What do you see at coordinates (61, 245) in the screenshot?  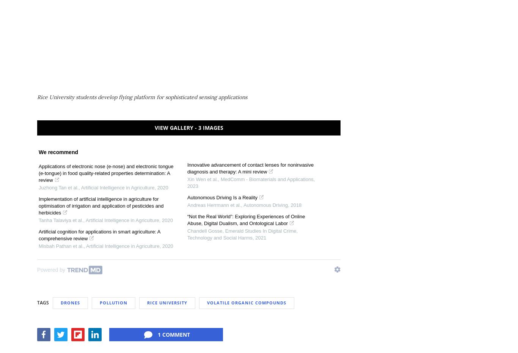 I see `'Misbah Pathan et al.,'` at bounding box center [61, 245].